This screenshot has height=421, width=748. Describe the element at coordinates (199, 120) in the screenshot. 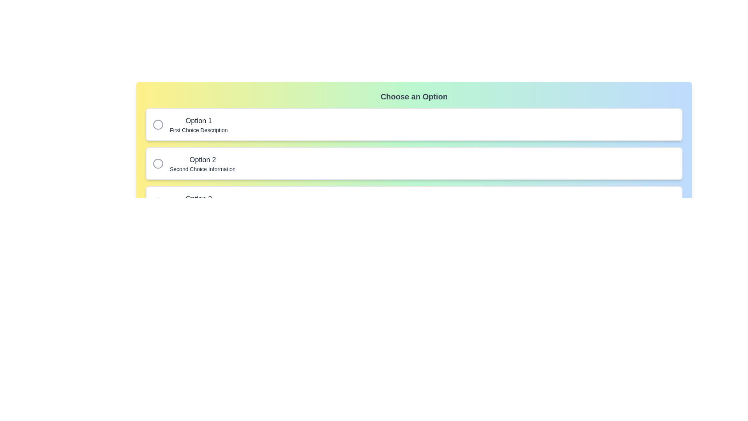

I see `the text label for 'Option 1' that serves as a title for the first selectable choice in the list, positioned above 'First Choice Description'` at that location.